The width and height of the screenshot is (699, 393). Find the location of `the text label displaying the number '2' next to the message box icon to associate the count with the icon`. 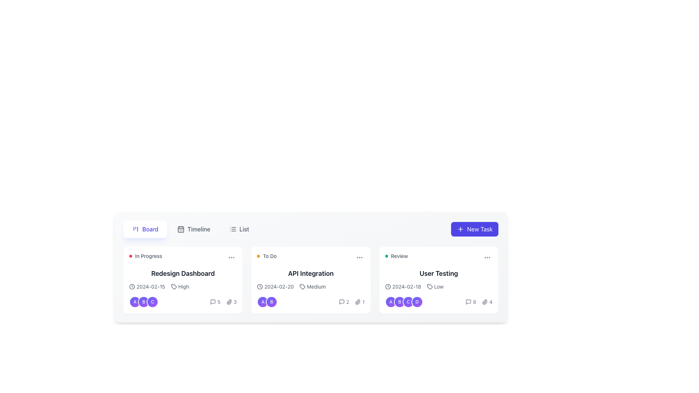

the text label displaying the number '2' next to the message box icon to associate the count with the icon is located at coordinates (347, 302).